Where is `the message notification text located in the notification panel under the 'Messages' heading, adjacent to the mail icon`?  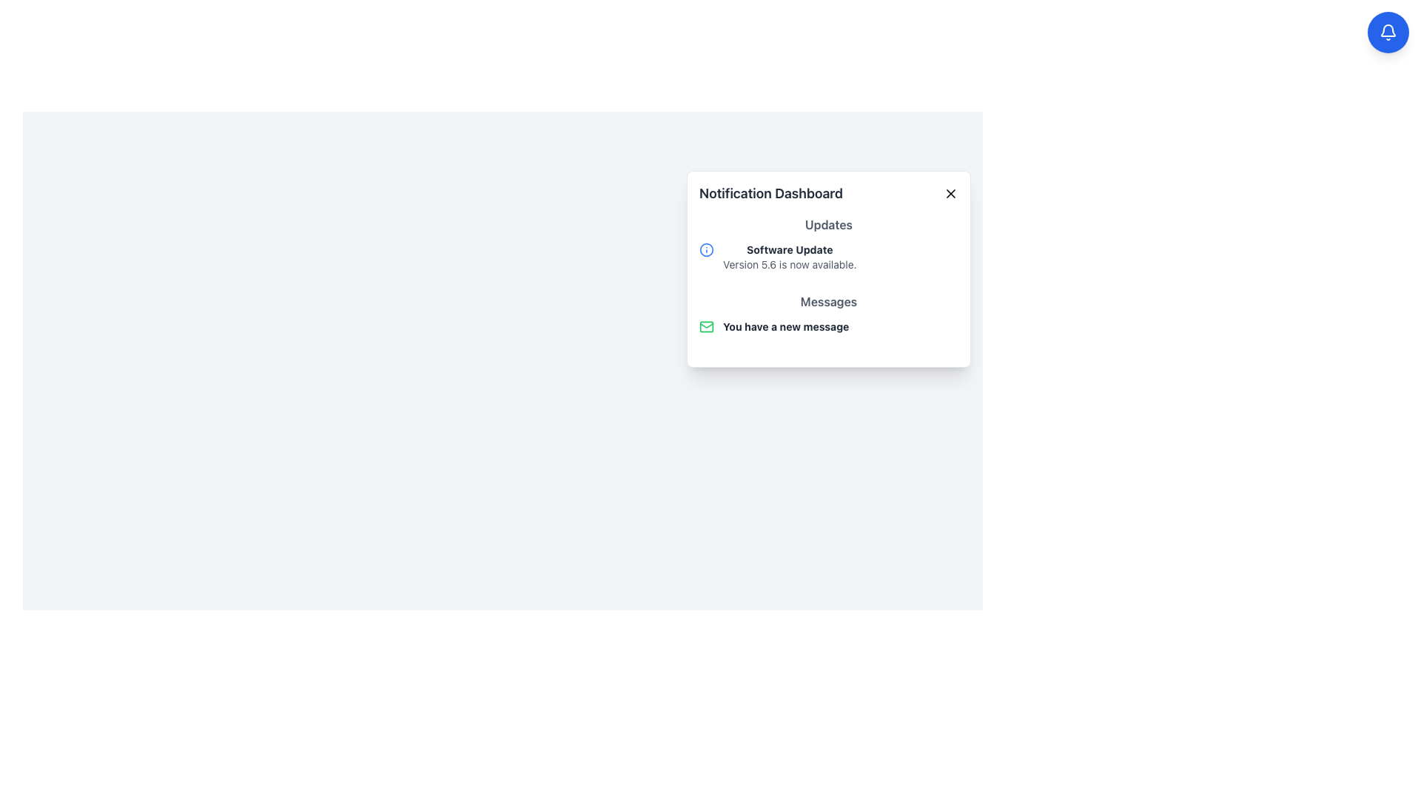
the message notification text located in the notification panel under the 'Messages' heading, adjacent to the mail icon is located at coordinates (785, 326).